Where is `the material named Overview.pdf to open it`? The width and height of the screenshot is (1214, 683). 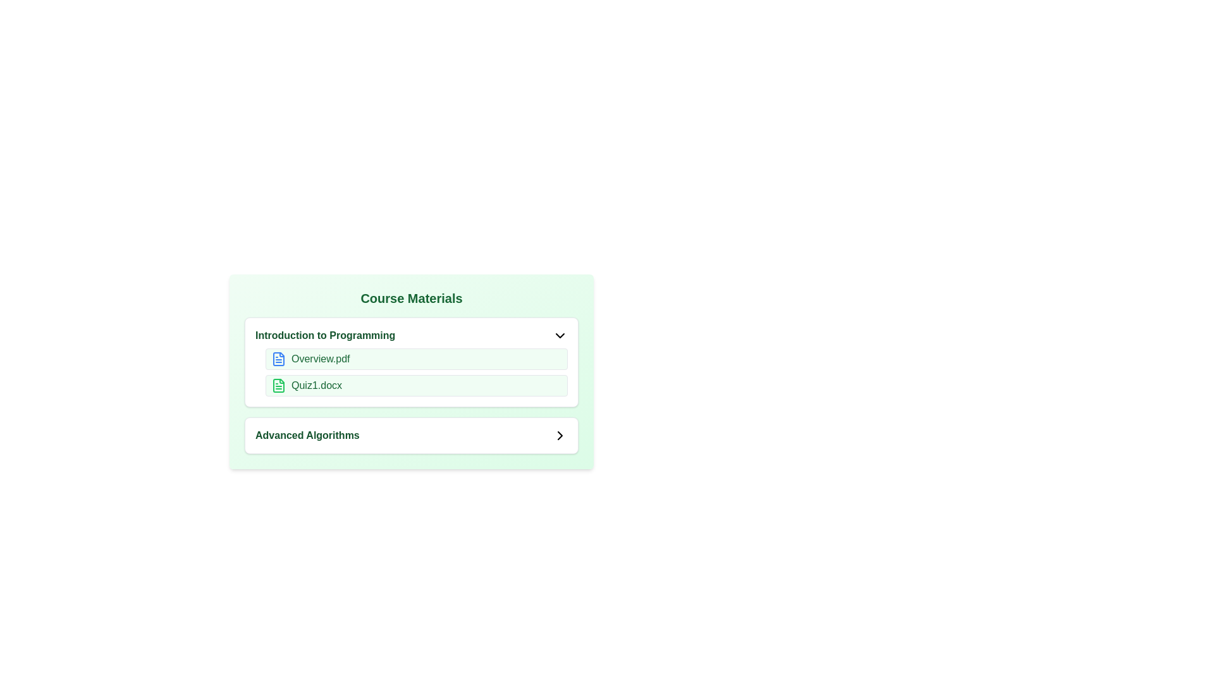 the material named Overview.pdf to open it is located at coordinates (278, 359).